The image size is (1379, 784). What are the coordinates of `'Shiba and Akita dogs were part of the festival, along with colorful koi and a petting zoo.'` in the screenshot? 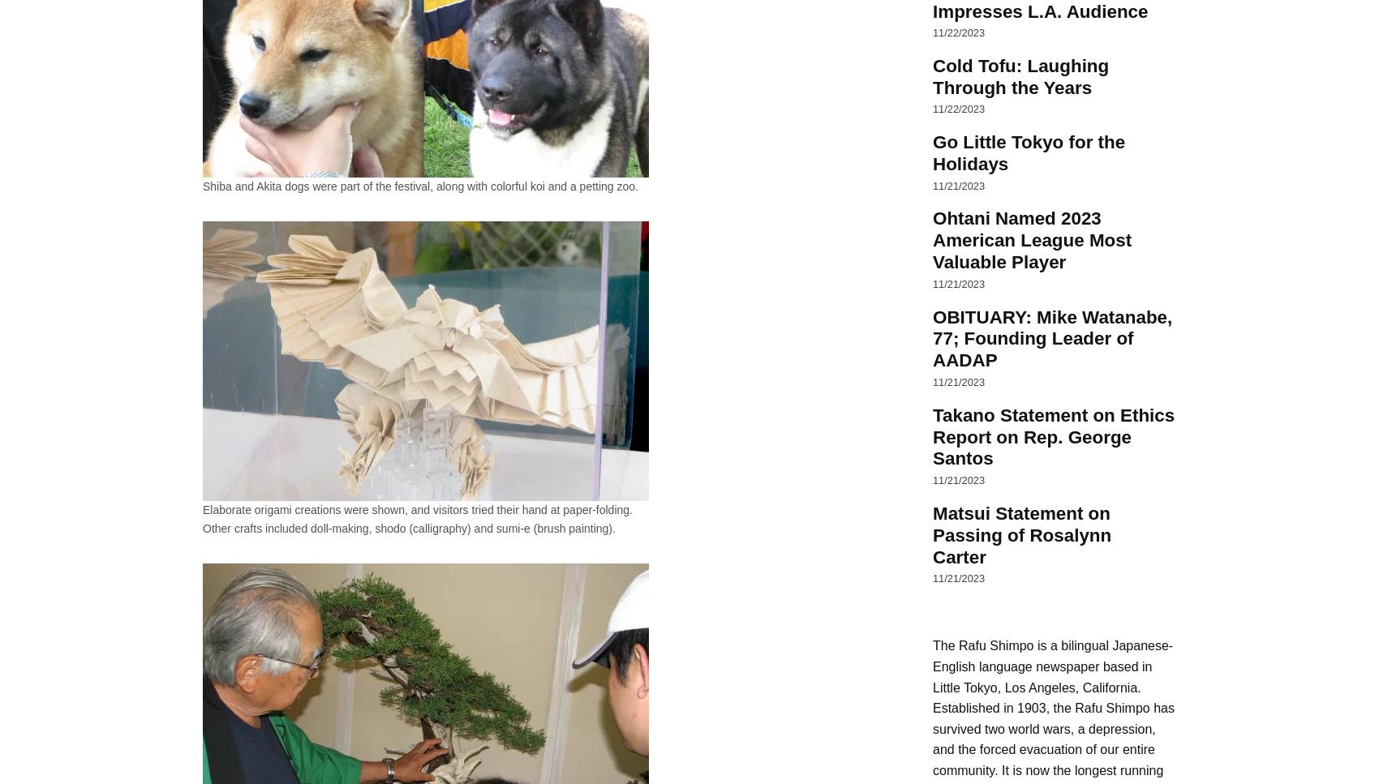 It's located at (420, 186).